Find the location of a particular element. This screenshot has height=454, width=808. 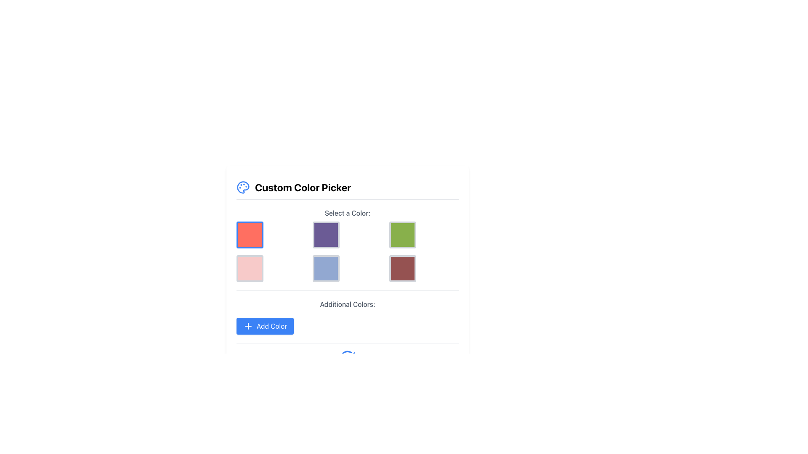

the text label that reads 'Additional Colors:' which is styled in a medium-weight gray font and positioned directly above the blue 'Add Color' button is located at coordinates (347, 304).